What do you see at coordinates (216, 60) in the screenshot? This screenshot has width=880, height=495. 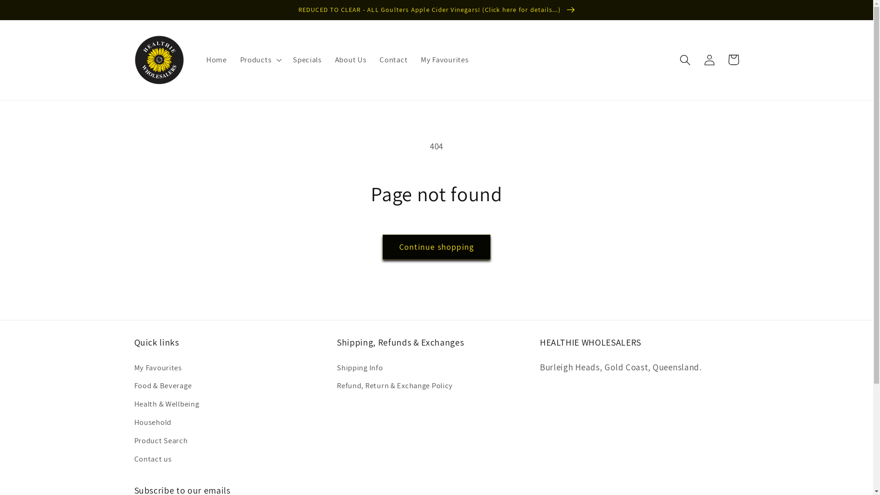 I see `'Home'` at bounding box center [216, 60].